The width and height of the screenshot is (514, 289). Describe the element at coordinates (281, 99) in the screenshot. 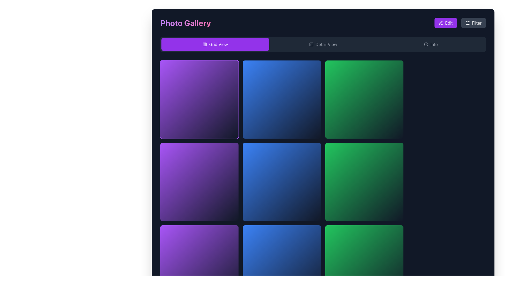

I see `the square grid tile with a blue to cyan gradient background` at that location.